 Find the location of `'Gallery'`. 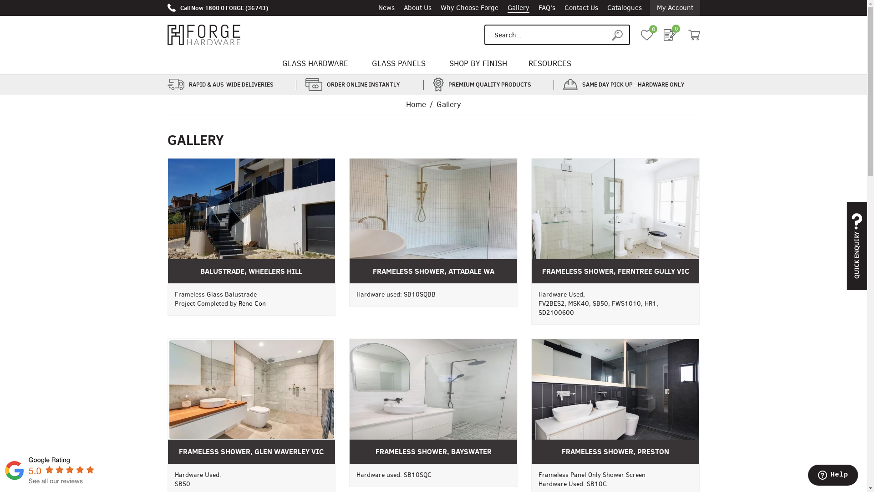

'Gallery' is located at coordinates (518, 8).